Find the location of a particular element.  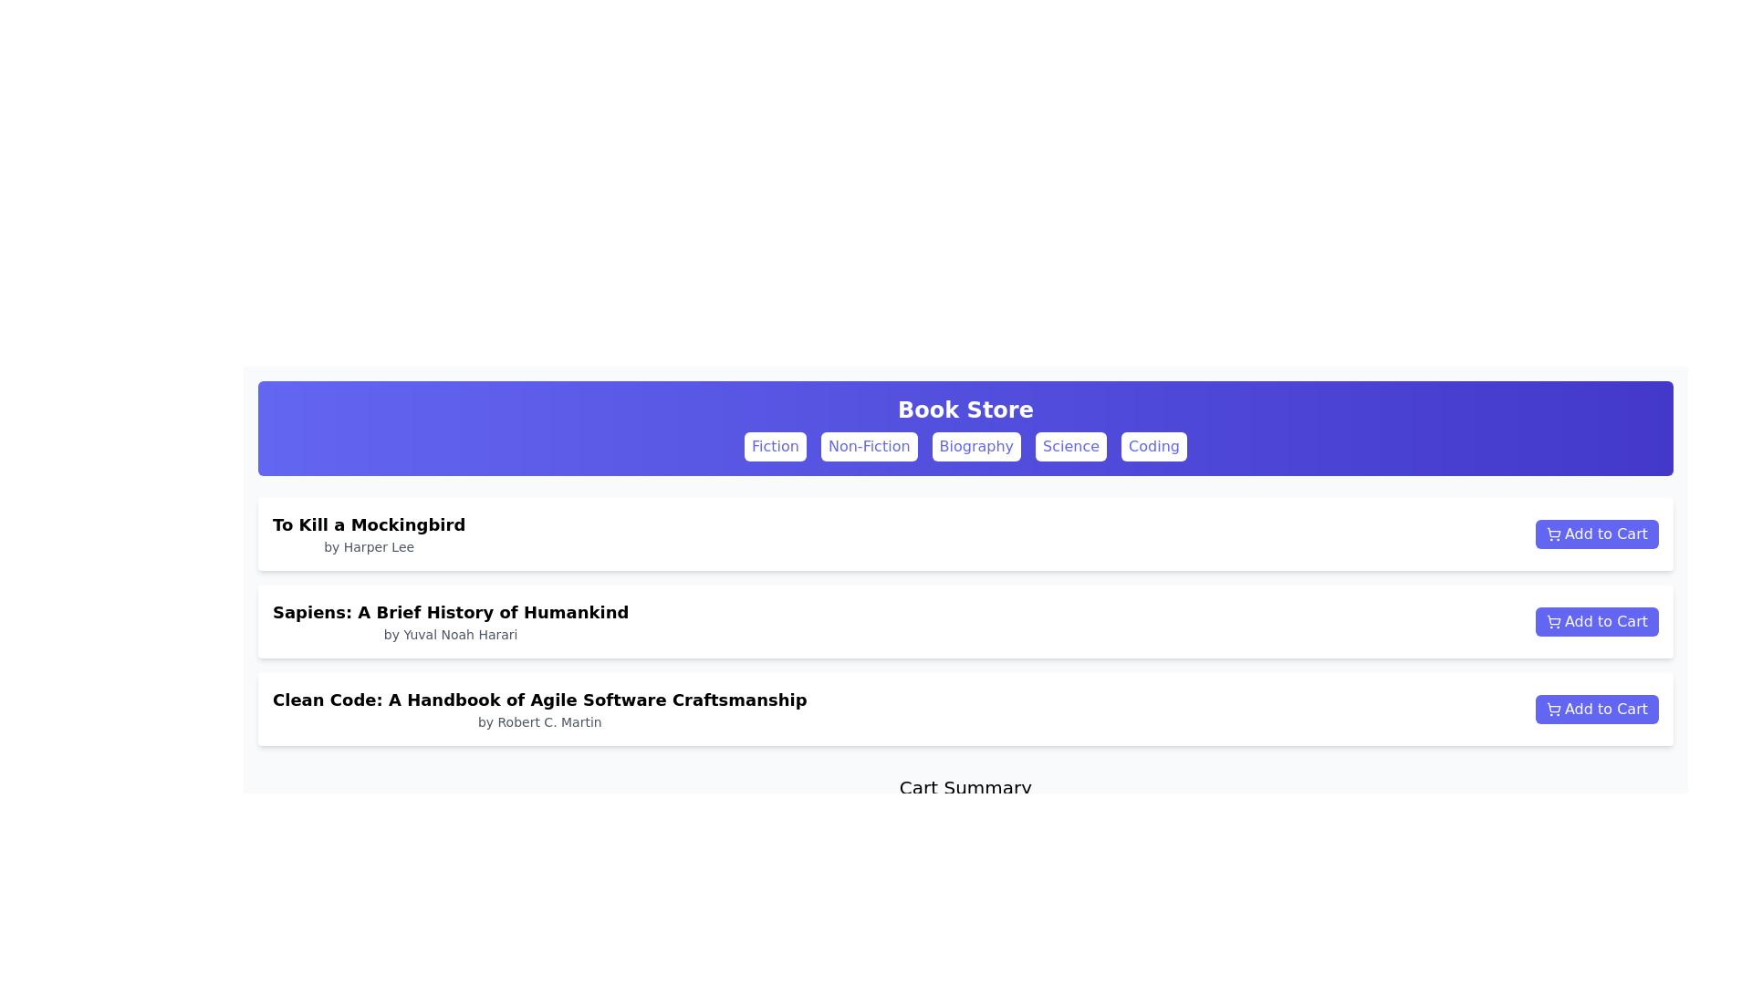

the text label displaying the author's name 'Harper Lee', which is located directly below the book title 'To Kill a Mockingbird' in a vertical list layout is located at coordinates (368, 546).